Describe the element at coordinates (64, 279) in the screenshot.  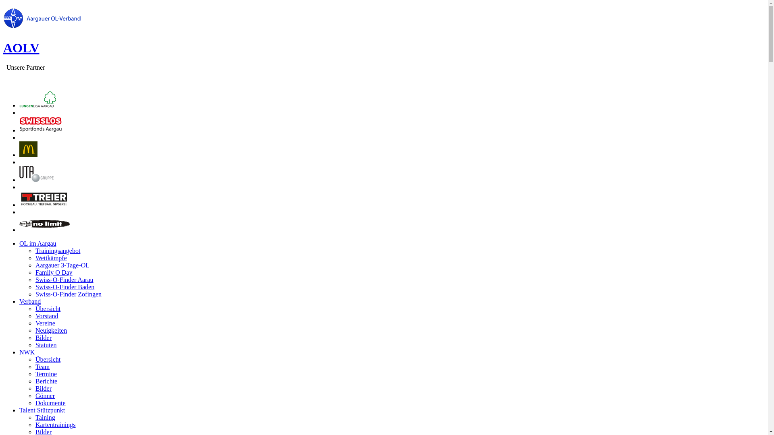
I see `'Swiss-O-Finder Aarau'` at that location.